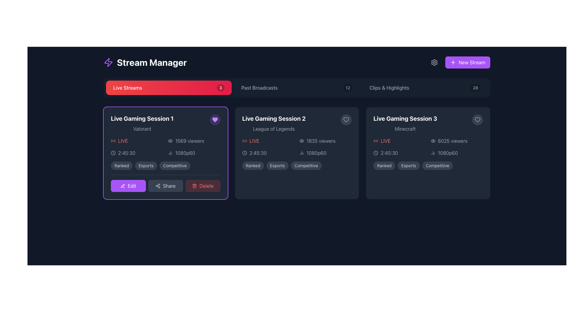 The image size is (580, 326). Describe the element at coordinates (113, 152) in the screenshot. I see `the center circle of the clock icon, which serves as the visual representation of the clock's face` at that location.